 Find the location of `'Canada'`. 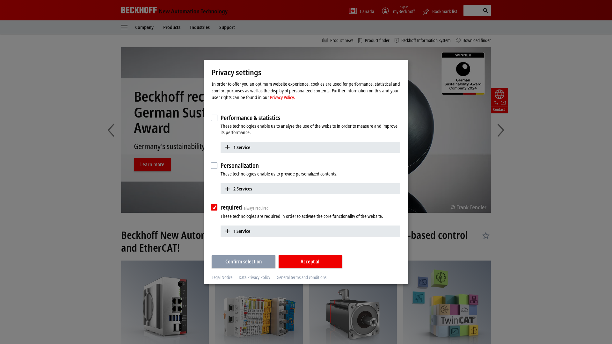

'Canada' is located at coordinates (361, 11).